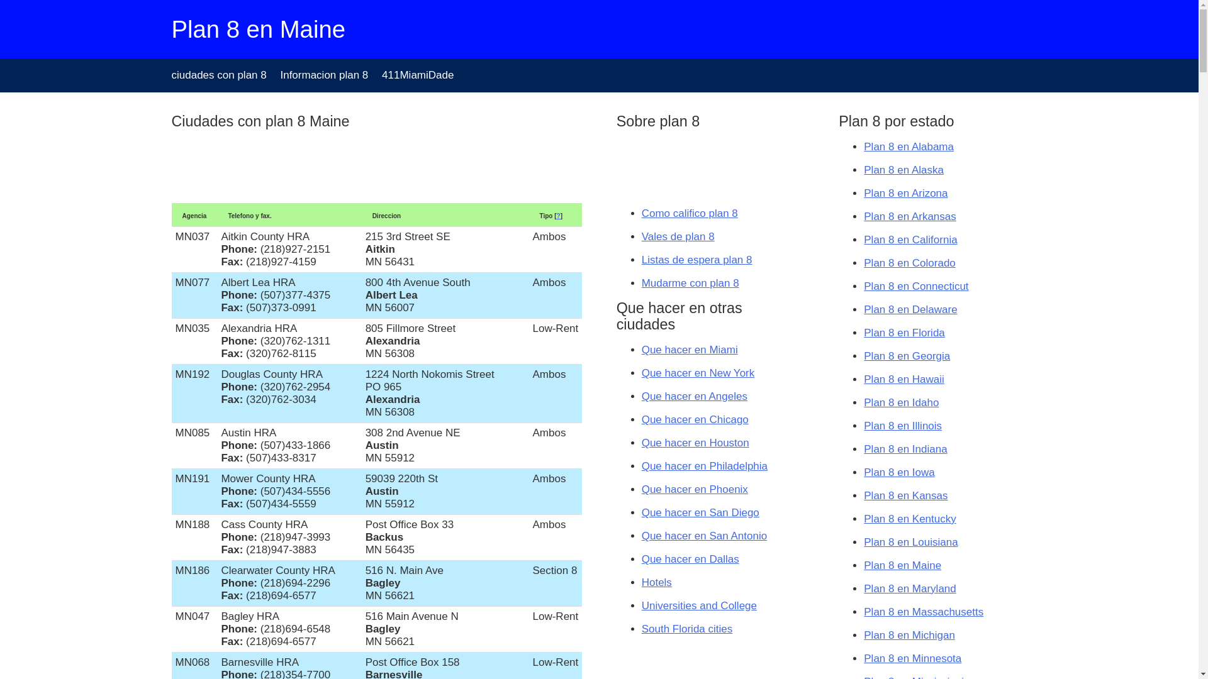  Describe the element at coordinates (250, 616) in the screenshot. I see `'Bagley HRA'` at that location.